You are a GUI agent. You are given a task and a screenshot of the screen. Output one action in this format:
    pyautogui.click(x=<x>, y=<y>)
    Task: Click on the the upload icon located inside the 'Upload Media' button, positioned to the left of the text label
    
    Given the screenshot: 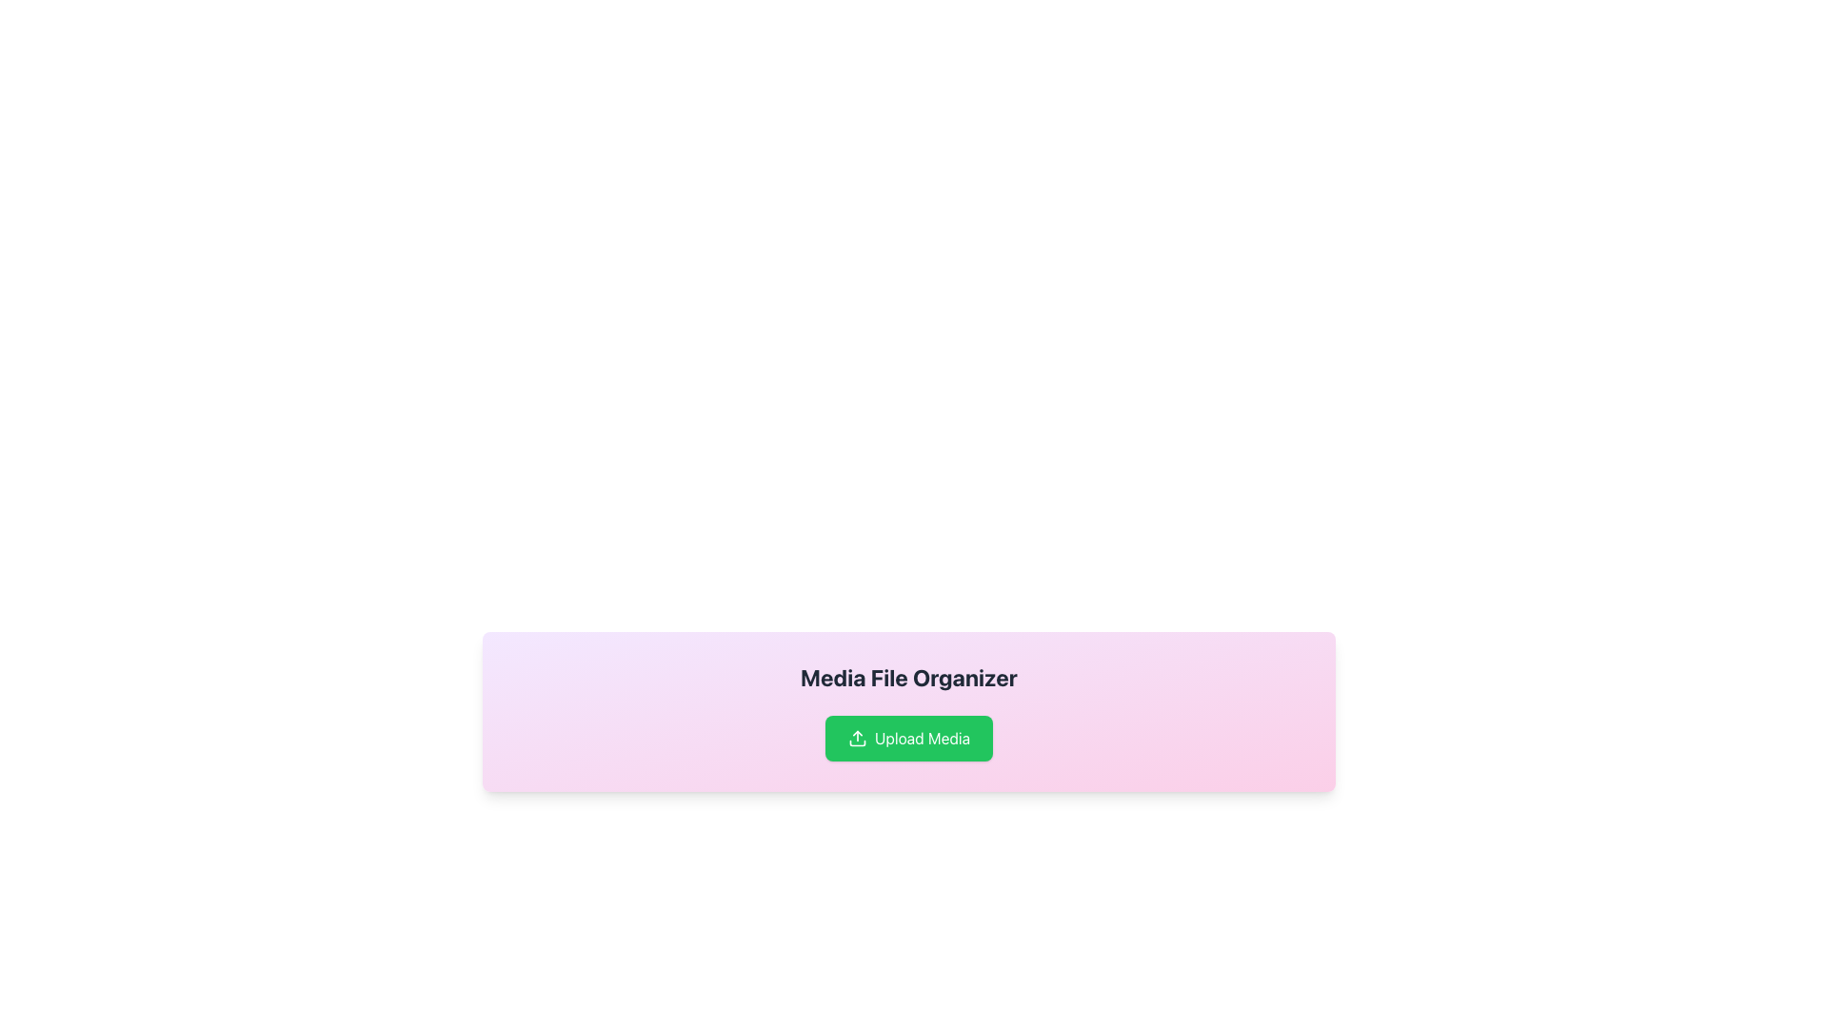 What is the action you would take?
    pyautogui.click(x=856, y=737)
    